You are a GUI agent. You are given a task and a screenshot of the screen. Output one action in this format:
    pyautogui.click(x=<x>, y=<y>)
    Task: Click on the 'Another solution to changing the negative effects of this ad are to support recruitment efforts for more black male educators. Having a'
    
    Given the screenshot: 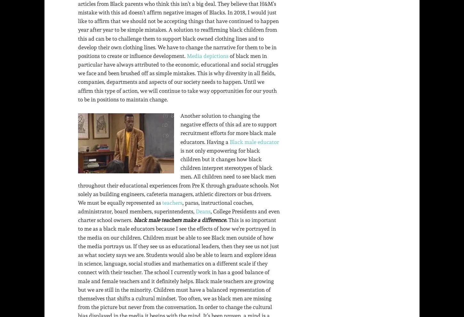 What is the action you would take?
    pyautogui.click(x=228, y=128)
    